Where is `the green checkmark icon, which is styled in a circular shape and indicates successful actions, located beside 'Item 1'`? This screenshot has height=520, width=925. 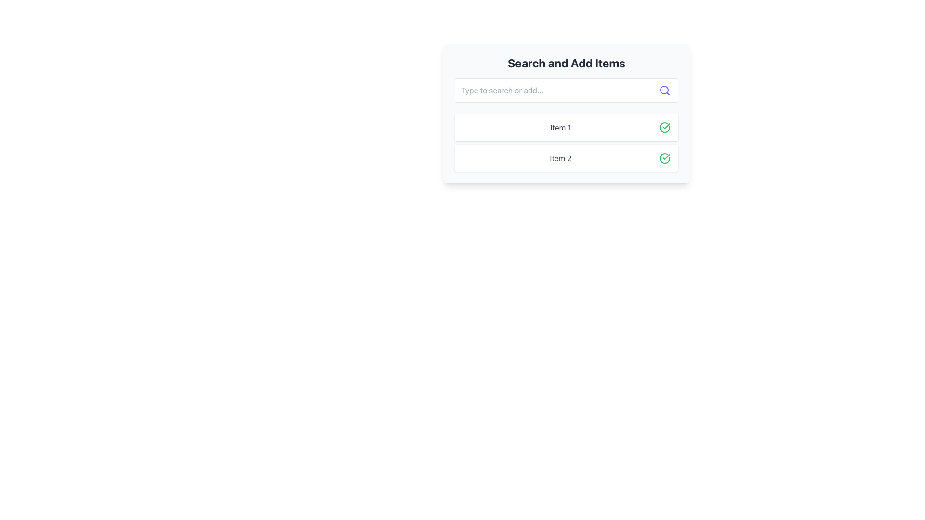 the green checkmark icon, which is styled in a circular shape and indicates successful actions, located beside 'Item 1' is located at coordinates (666, 156).